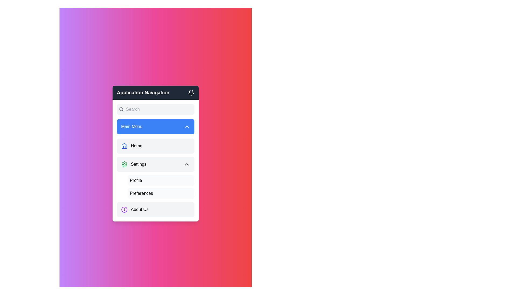 This screenshot has width=517, height=291. Describe the element at coordinates (124, 209) in the screenshot. I see `the circular purple icon rendered in SVG format that is left-aligned within the 'About Us' item at the bottom of the menu list in the application navigation panel` at that location.